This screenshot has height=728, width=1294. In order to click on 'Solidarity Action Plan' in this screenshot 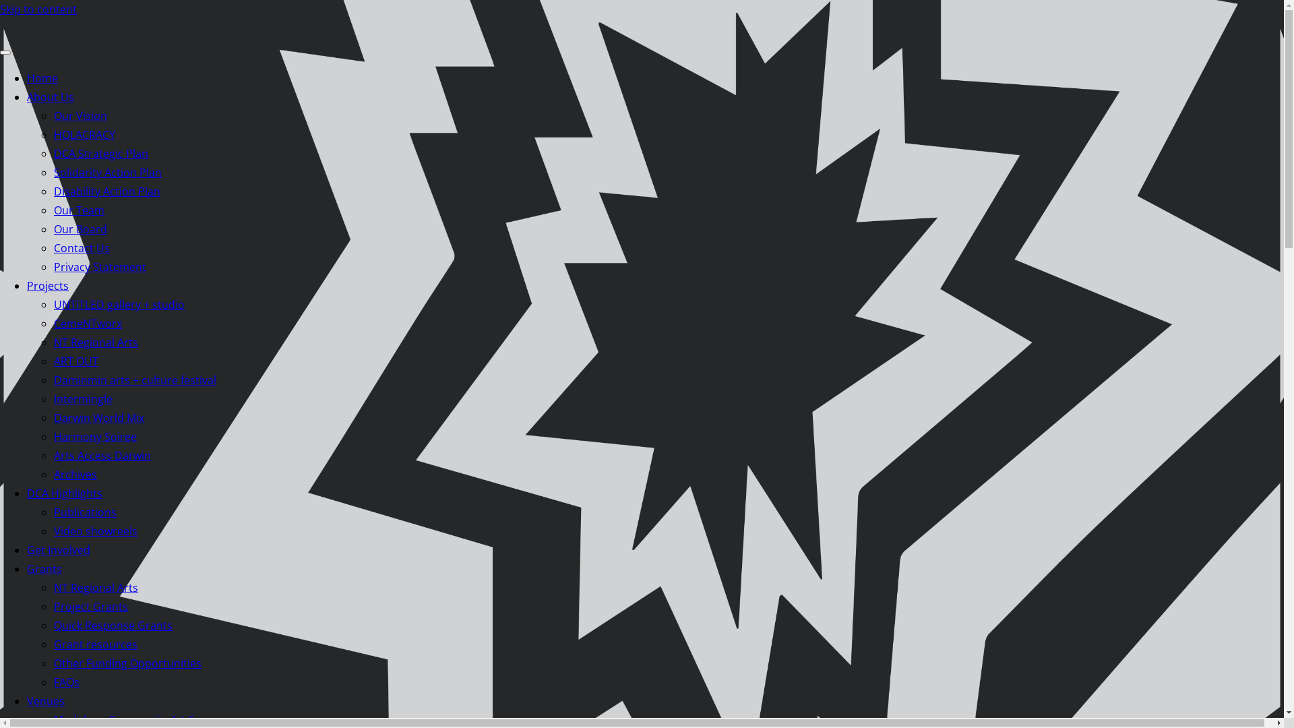, I will do `click(106, 171)`.